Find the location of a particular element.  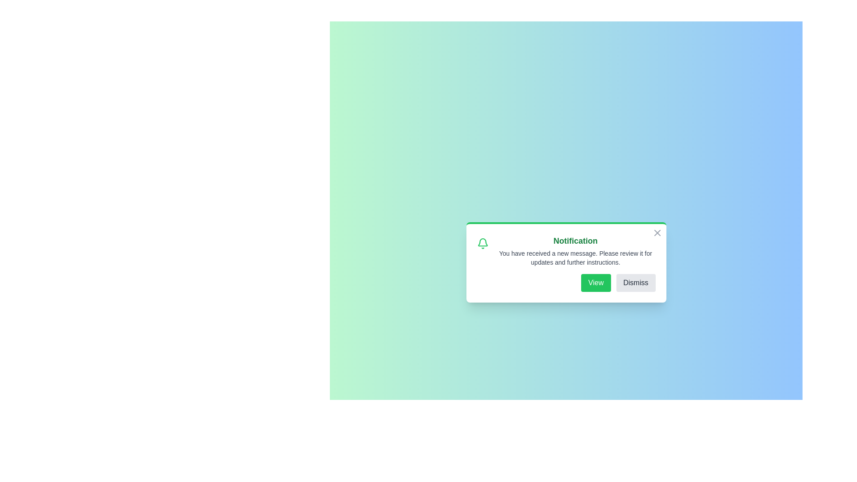

the 'View' button to proceed with viewing the notification is located at coordinates (595, 283).